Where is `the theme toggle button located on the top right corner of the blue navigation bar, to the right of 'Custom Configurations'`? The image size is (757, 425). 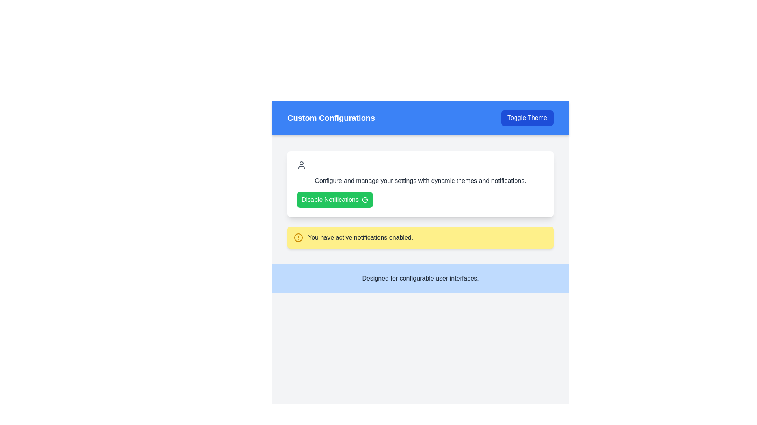 the theme toggle button located on the top right corner of the blue navigation bar, to the right of 'Custom Configurations' is located at coordinates (527, 118).